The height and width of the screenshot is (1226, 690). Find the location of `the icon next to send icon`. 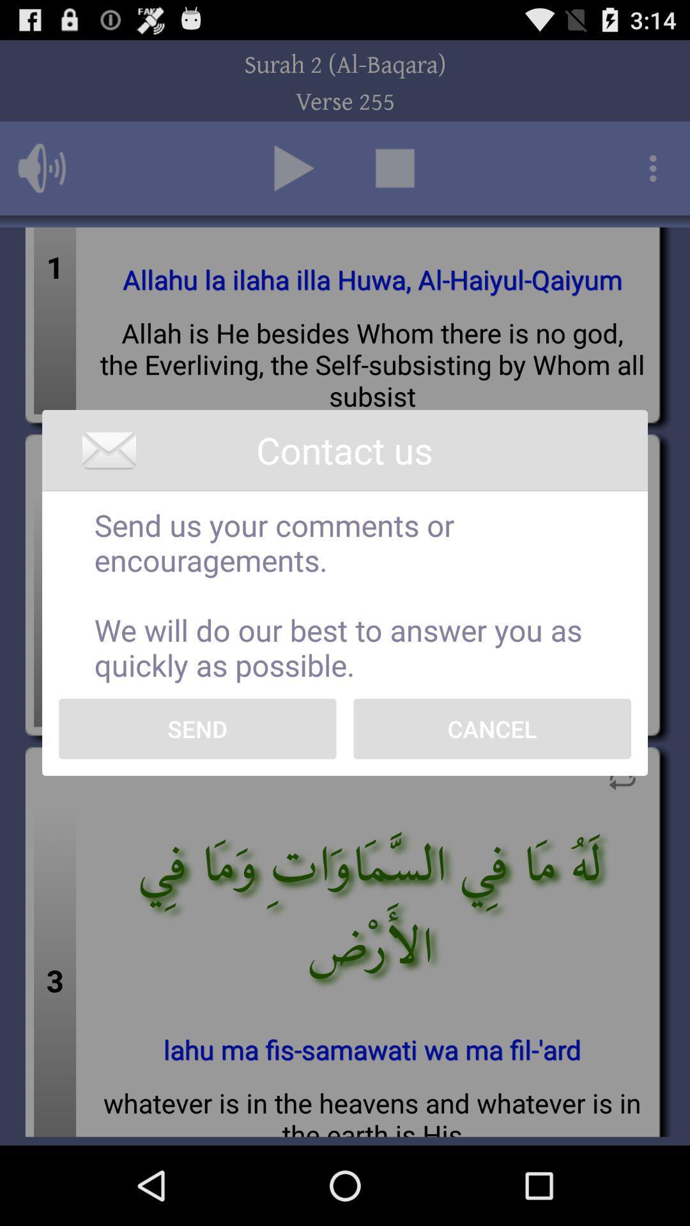

the icon next to send icon is located at coordinates (491, 729).